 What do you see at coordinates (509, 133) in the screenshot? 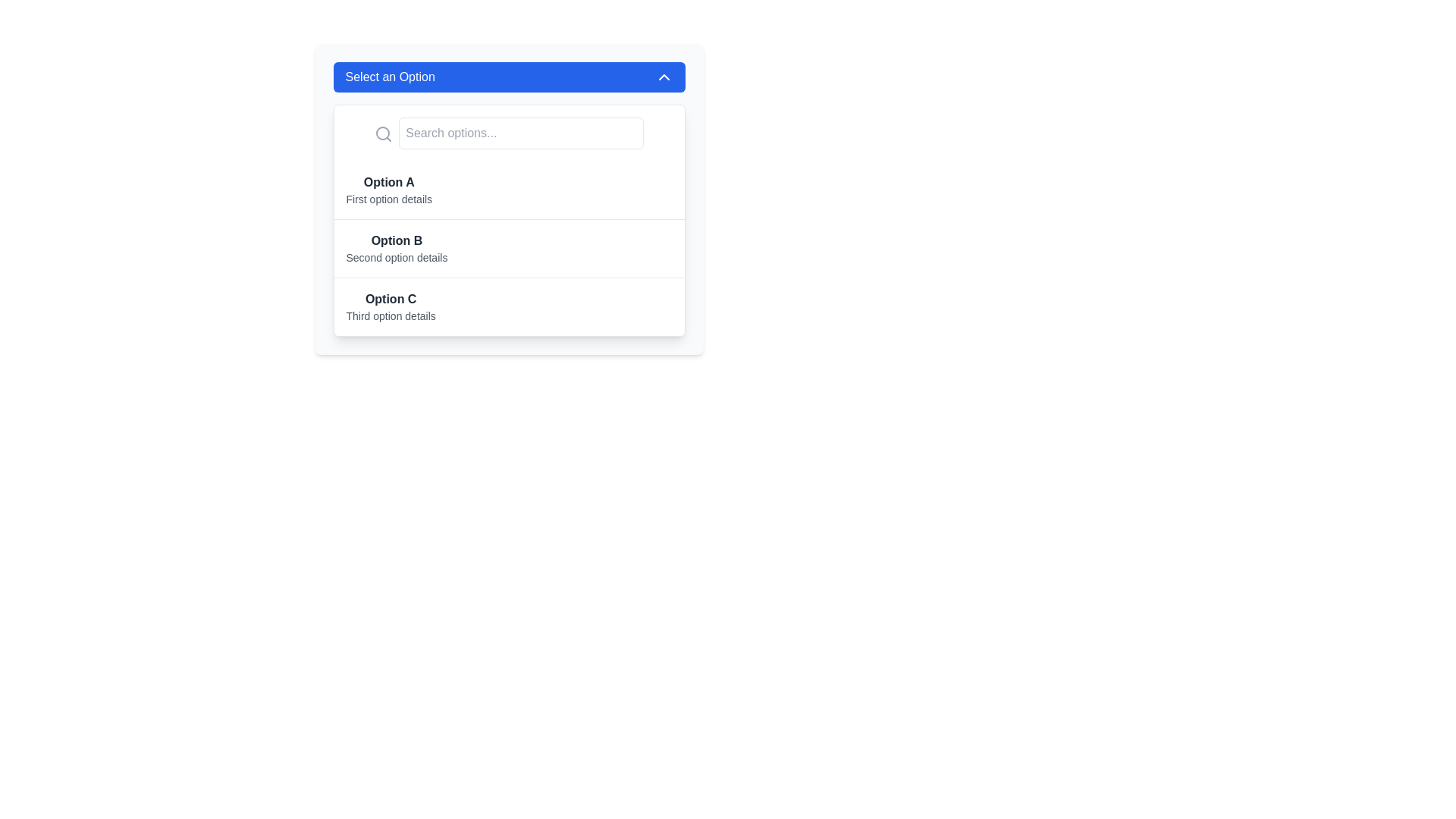
I see `text from the Text input field with a placeholder that says 'Search options...' located below the blue header labeled 'Select an Option.'` at bounding box center [509, 133].